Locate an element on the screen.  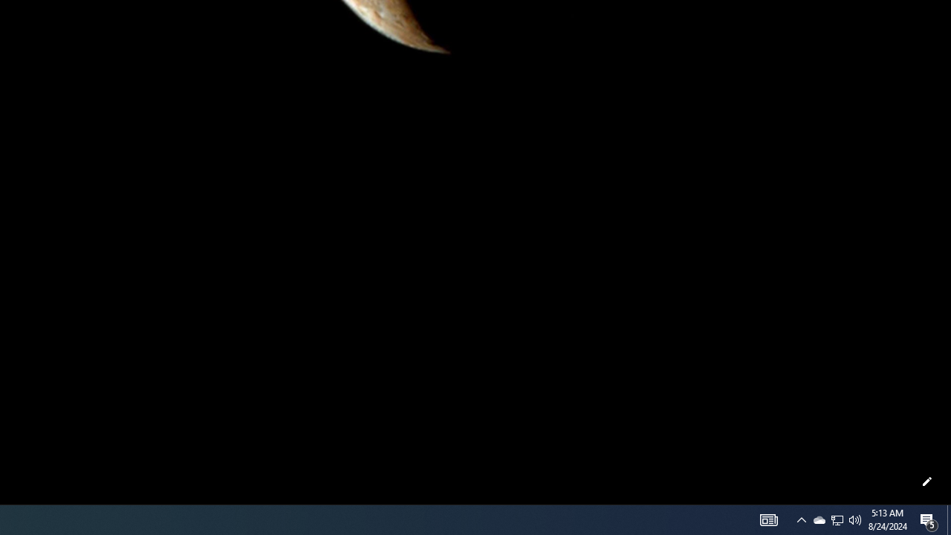
'Customize this page' is located at coordinates (926, 481).